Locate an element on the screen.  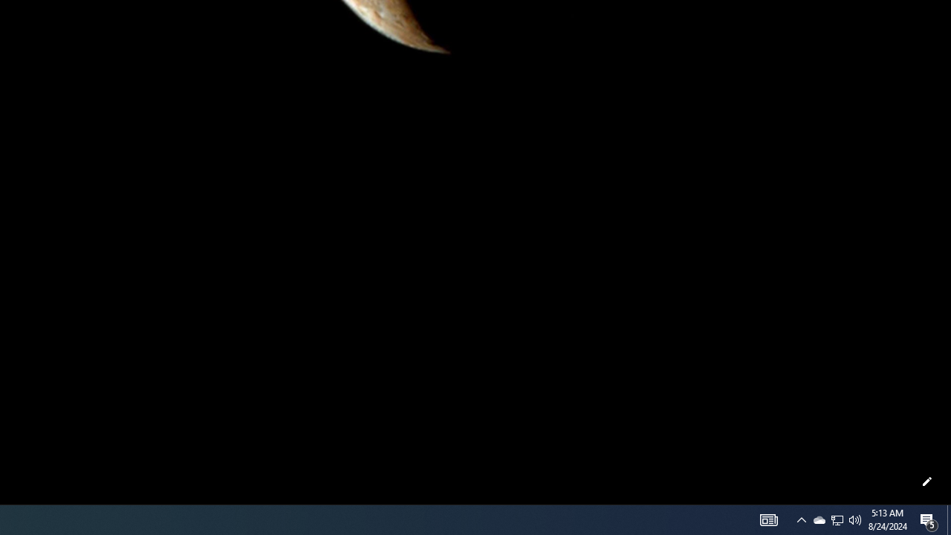
'Customize this page' is located at coordinates (926, 481).